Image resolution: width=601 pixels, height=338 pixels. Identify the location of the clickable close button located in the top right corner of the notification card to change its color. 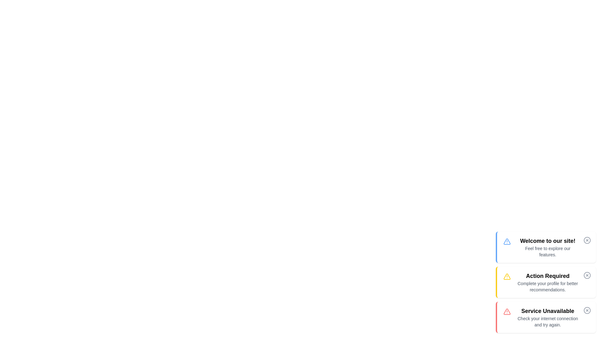
(587, 240).